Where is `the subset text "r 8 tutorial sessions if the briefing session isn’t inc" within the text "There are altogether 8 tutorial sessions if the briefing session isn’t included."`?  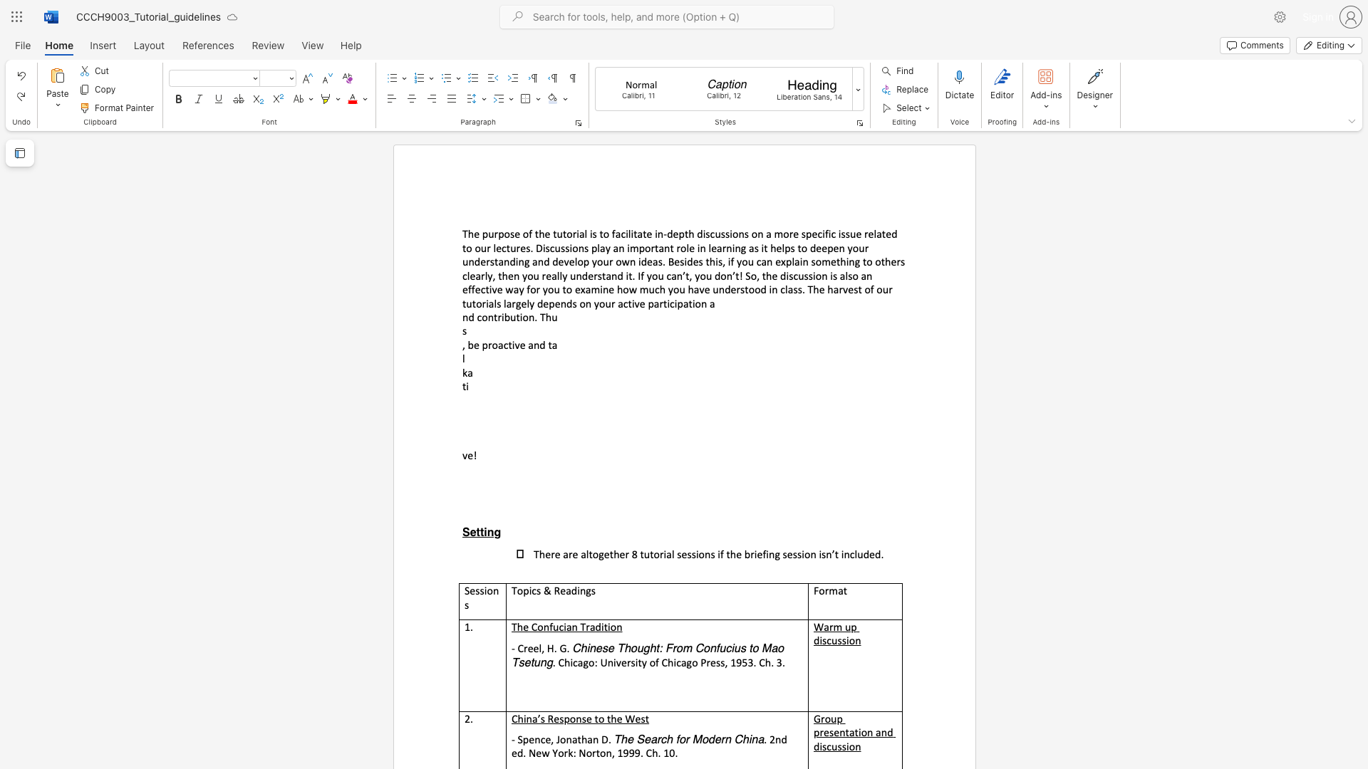
the subset text "r 8 tutorial sessions if the briefing session isn’t inc" within the text "There are altogether 8 tutorial sessions if the briefing session isn’t included." is located at coordinates (625, 553).